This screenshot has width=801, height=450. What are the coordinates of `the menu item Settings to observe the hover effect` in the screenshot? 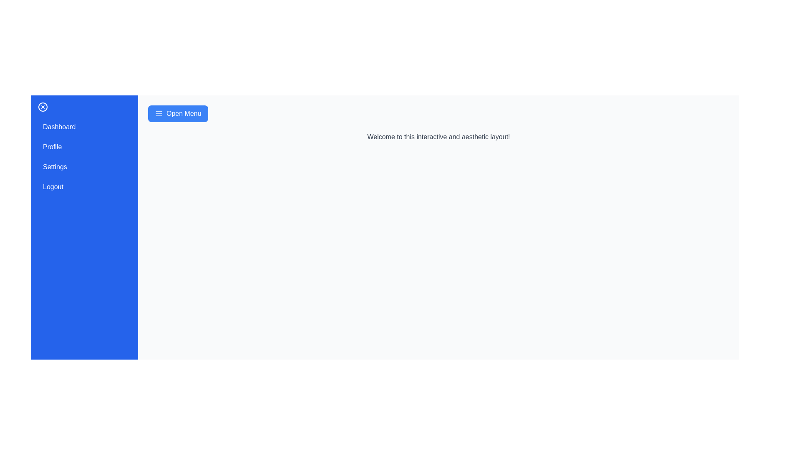 It's located at (84, 167).